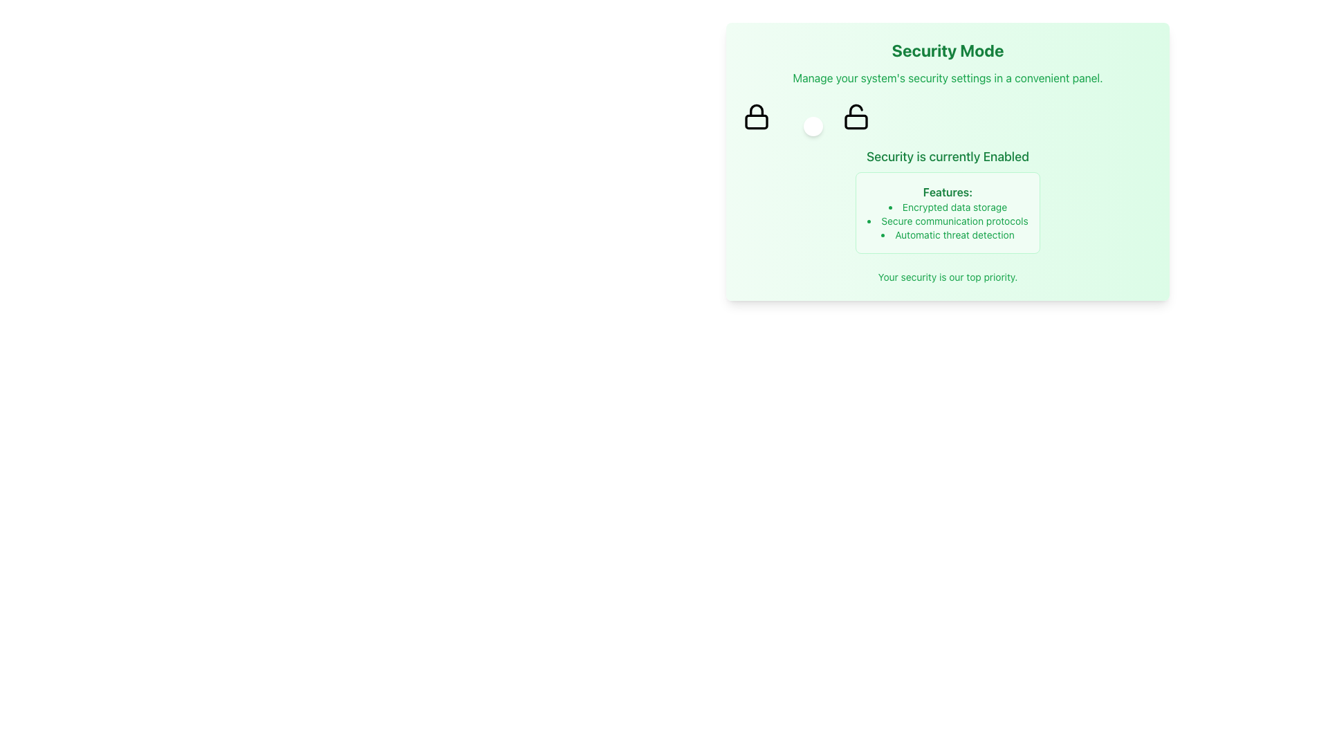  What do you see at coordinates (947, 63) in the screenshot?
I see `the header TextBlock located at the top-central section of the light green panel in the security settings section` at bounding box center [947, 63].